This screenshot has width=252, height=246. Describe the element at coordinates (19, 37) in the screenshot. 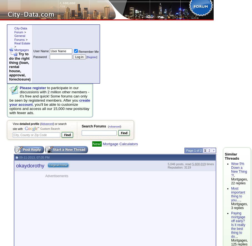

I see `'General Forums'` at that location.